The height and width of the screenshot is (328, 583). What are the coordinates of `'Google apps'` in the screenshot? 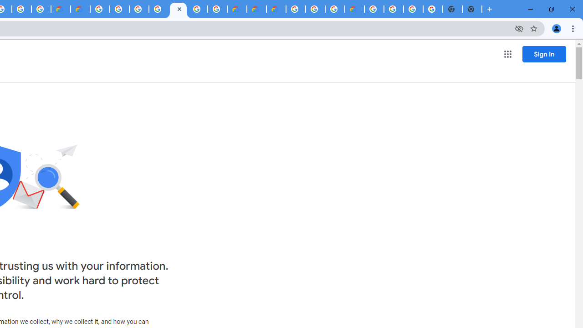 It's located at (507, 54).